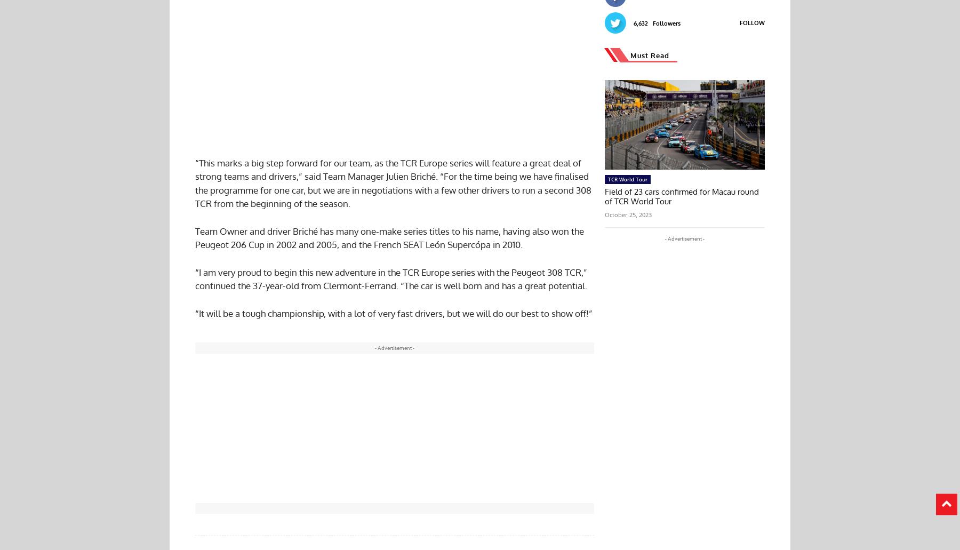 The width and height of the screenshot is (960, 550). Describe the element at coordinates (390, 278) in the screenshot. I see `'“I am very proud to begin this new adventure in the TCR Europe series with the Peugeot 308 TCR,” continued the 37-year-old from Clermont-Ferrand. “The car is well born and has a great potential.'` at that location.